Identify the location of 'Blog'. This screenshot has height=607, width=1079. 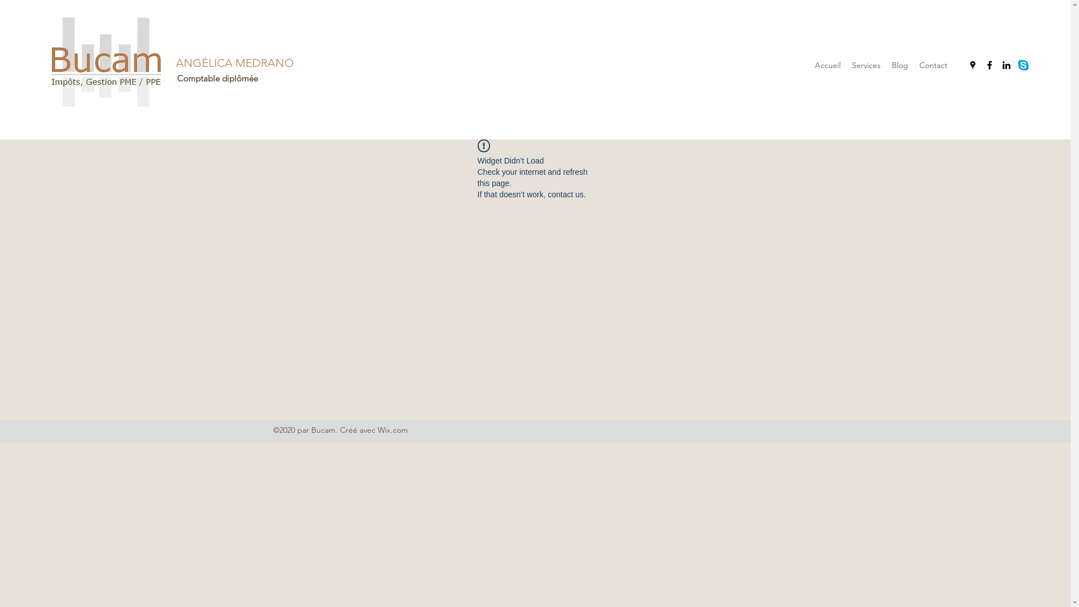
(900, 65).